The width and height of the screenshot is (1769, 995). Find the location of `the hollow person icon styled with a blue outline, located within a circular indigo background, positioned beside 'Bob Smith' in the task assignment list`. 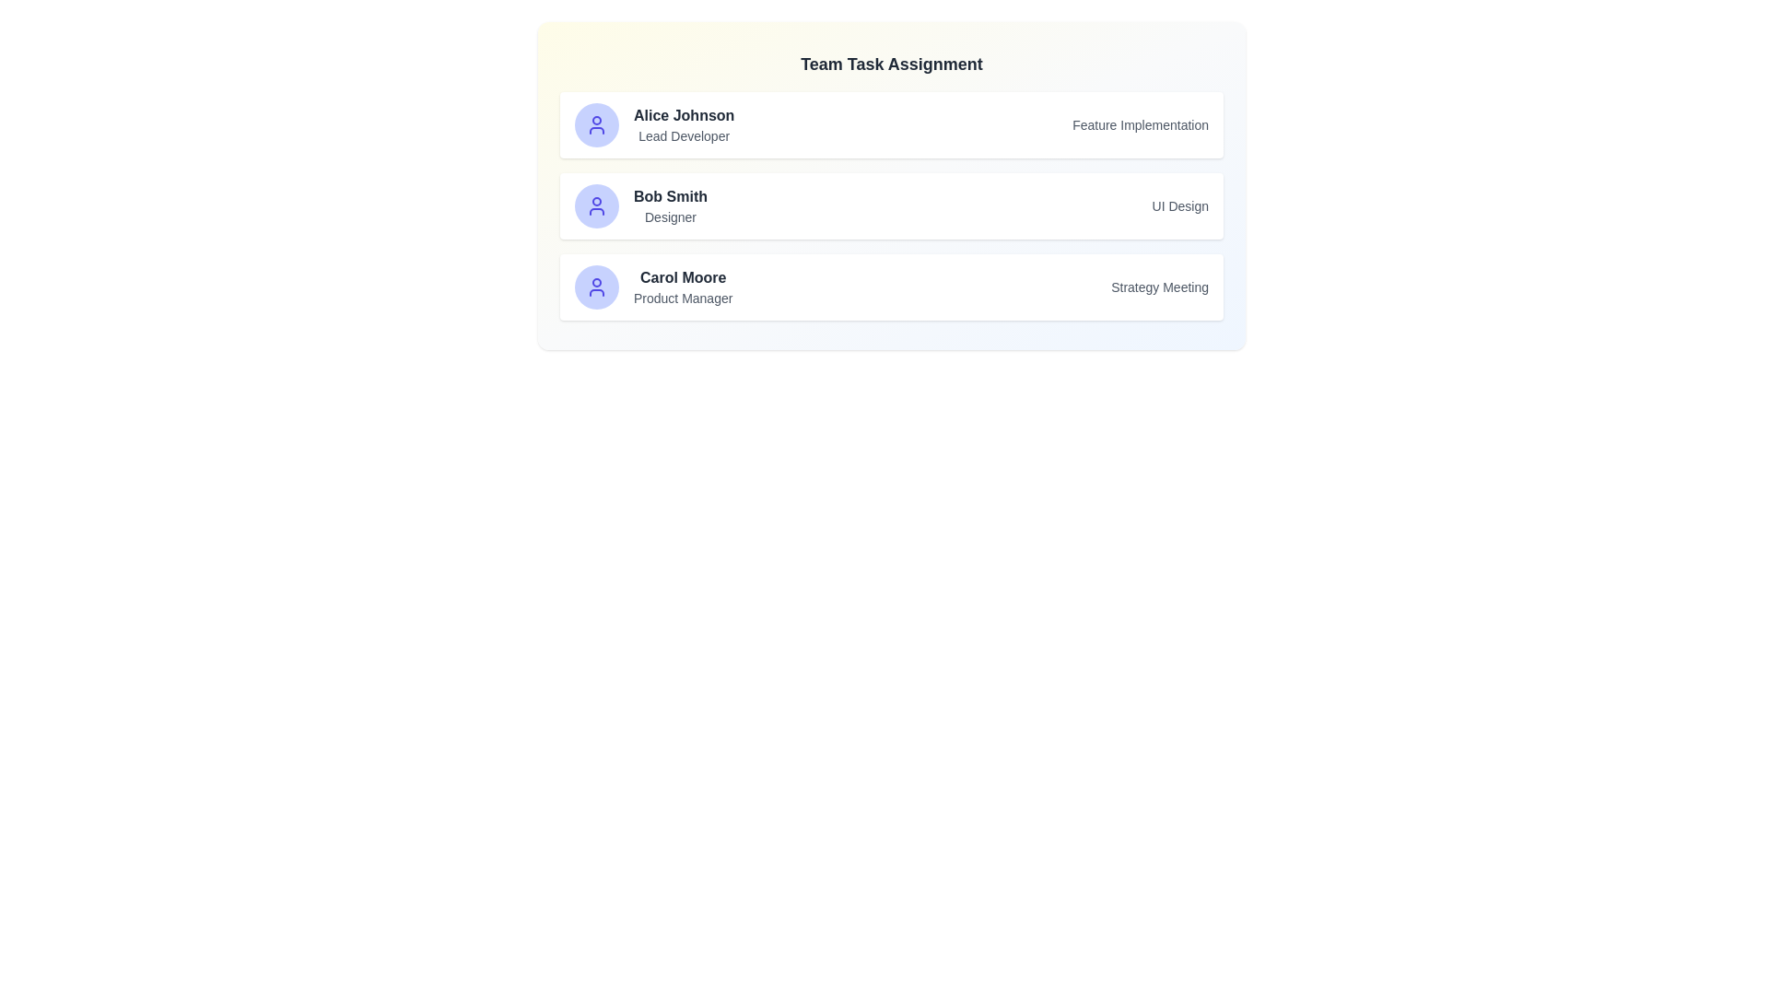

the hollow person icon styled with a blue outline, located within a circular indigo background, positioned beside 'Bob Smith' in the task assignment list is located at coordinates (597, 205).